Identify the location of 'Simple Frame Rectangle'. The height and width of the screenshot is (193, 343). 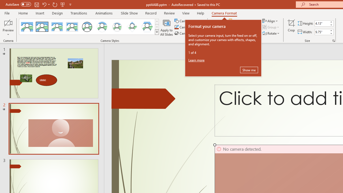
(42, 27).